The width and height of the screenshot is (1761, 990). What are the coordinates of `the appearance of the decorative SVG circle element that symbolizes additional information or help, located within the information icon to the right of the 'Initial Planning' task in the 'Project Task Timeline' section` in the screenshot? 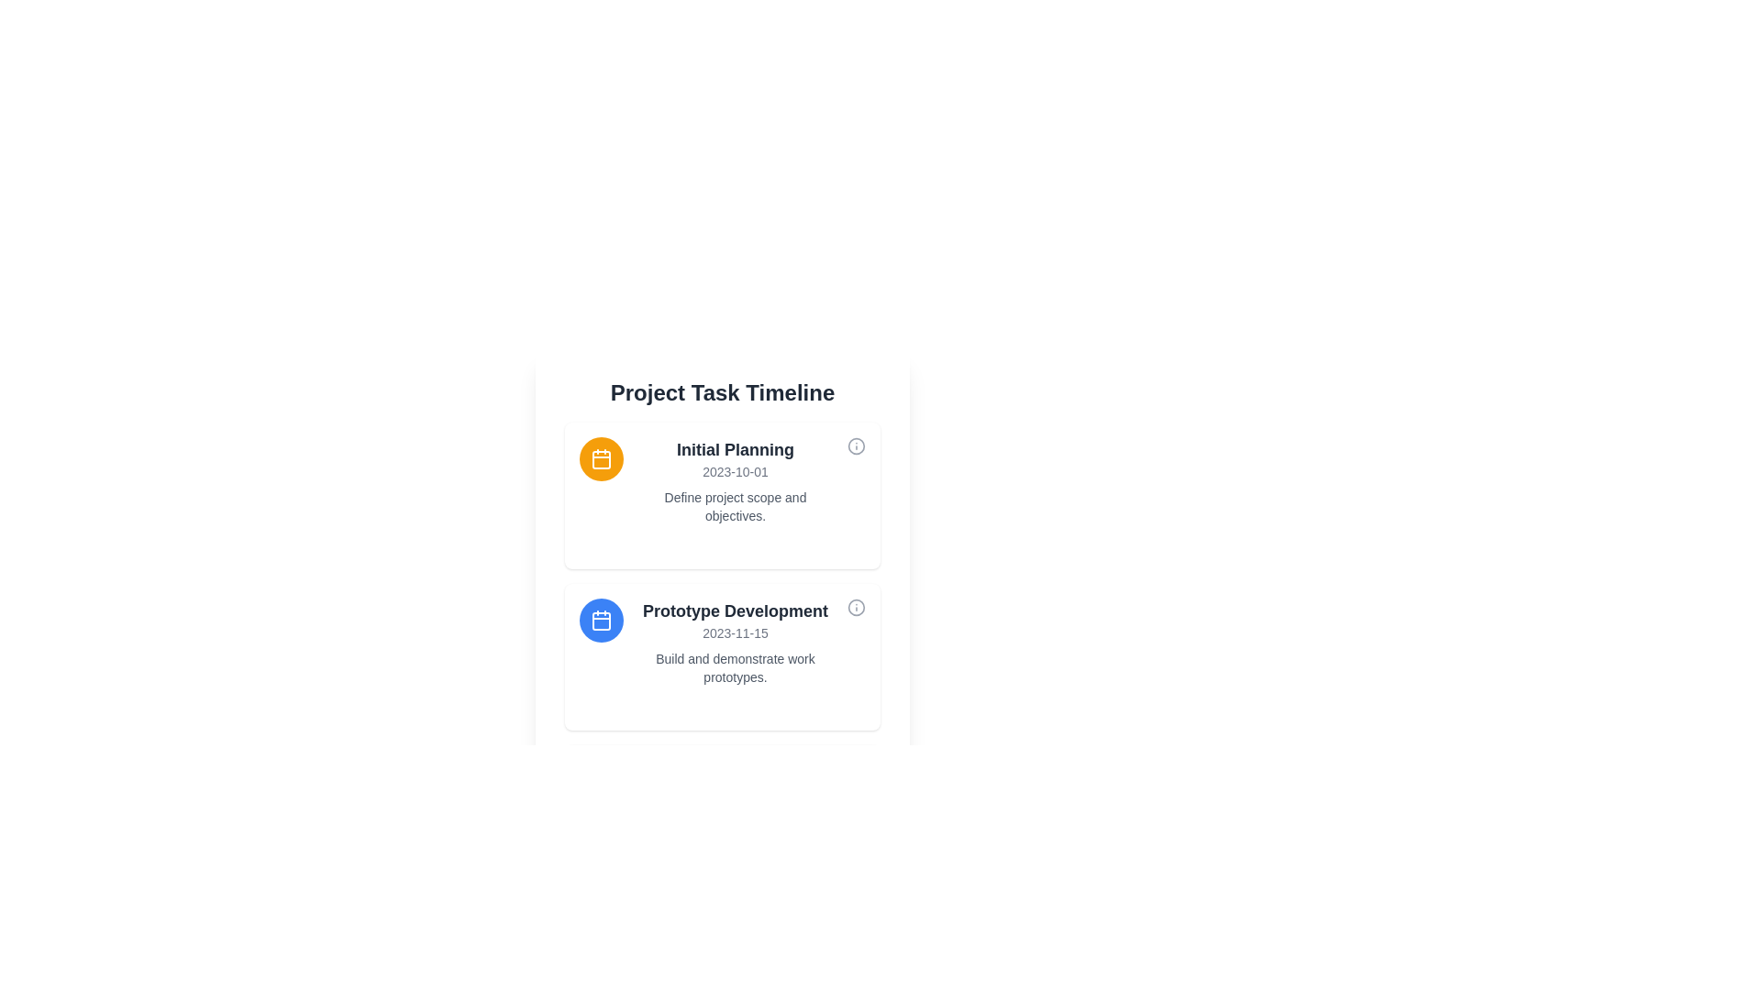 It's located at (856, 608).